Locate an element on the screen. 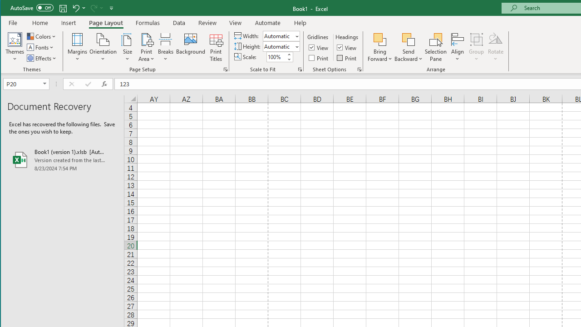 The width and height of the screenshot is (581, 327). 'Less' is located at coordinates (288, 59).